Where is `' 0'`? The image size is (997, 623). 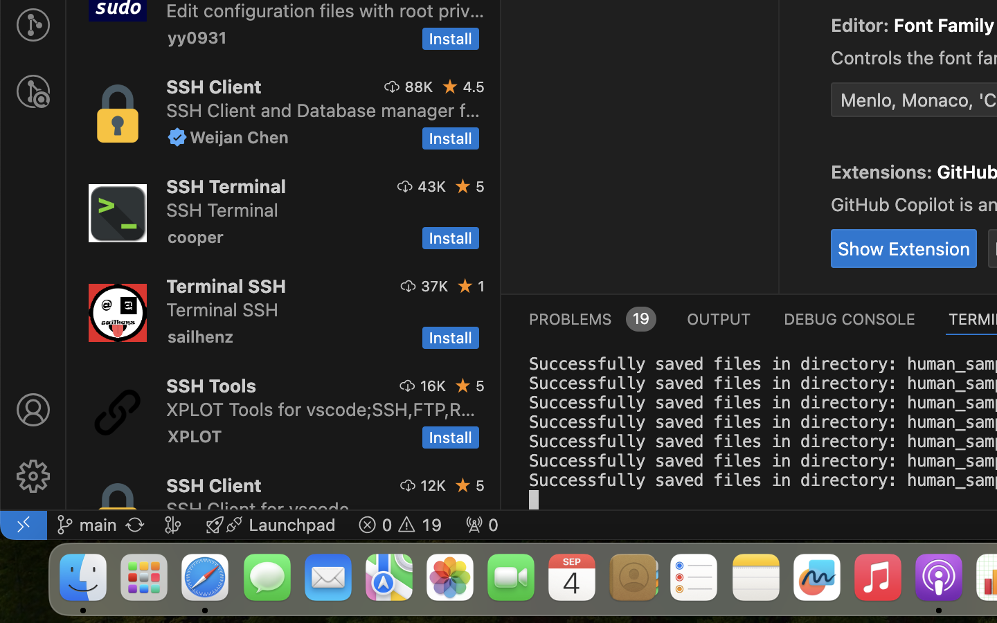 ' 0' is located at coordinates (481, 523).